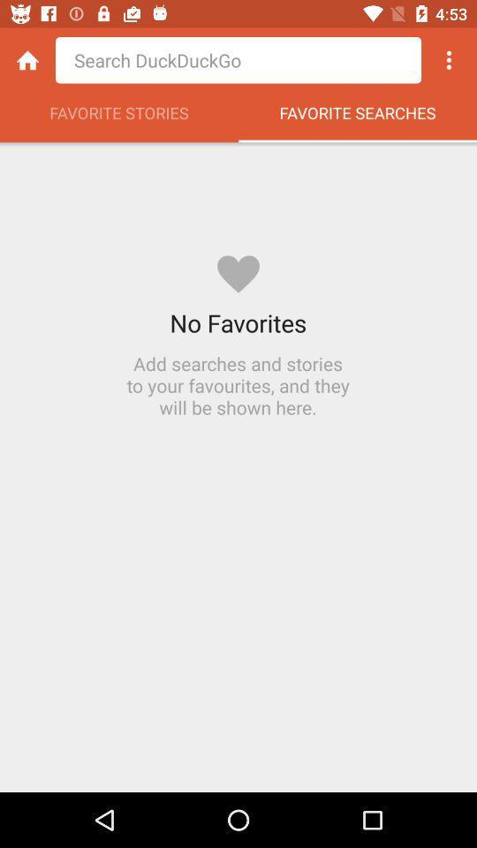  I want to click on go home, so click(26, 60).